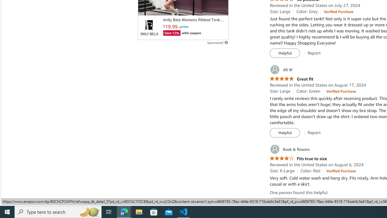  I want to click on '4.0 out of 5 stars Fits true to size', so click(298, 158).